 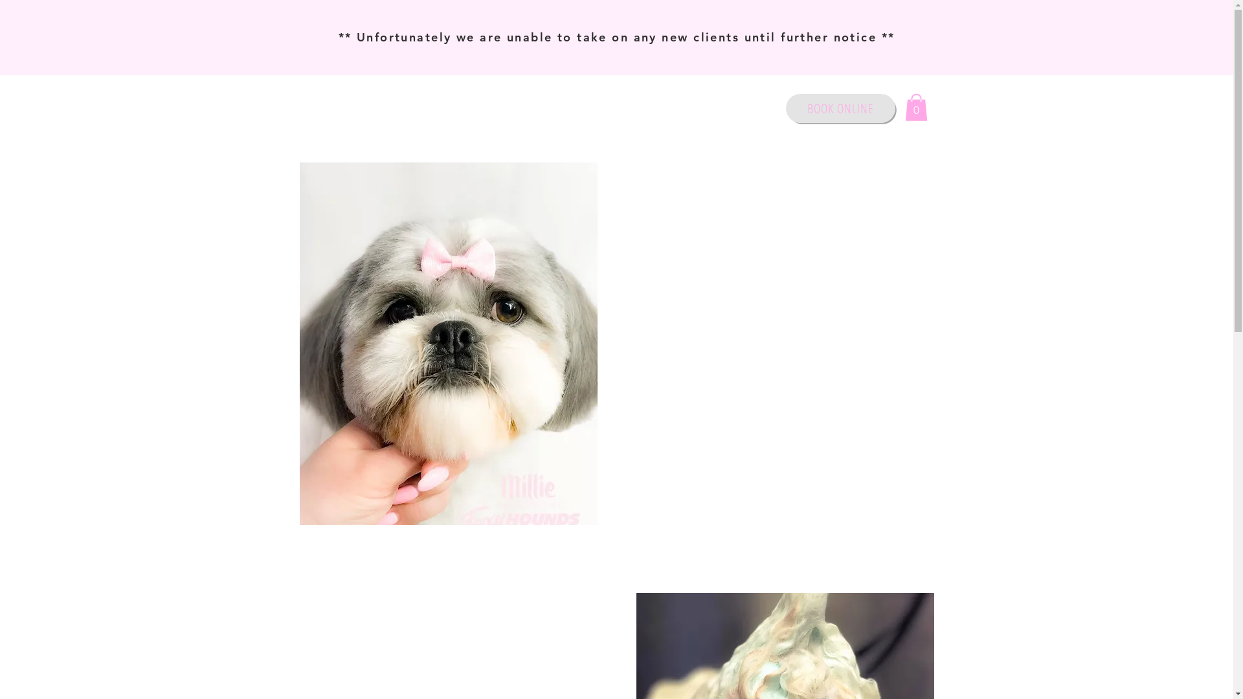 What do you see at coordinates (904, 106) in the screenshot?
I see `'0'` at bounding box center [904, 106].